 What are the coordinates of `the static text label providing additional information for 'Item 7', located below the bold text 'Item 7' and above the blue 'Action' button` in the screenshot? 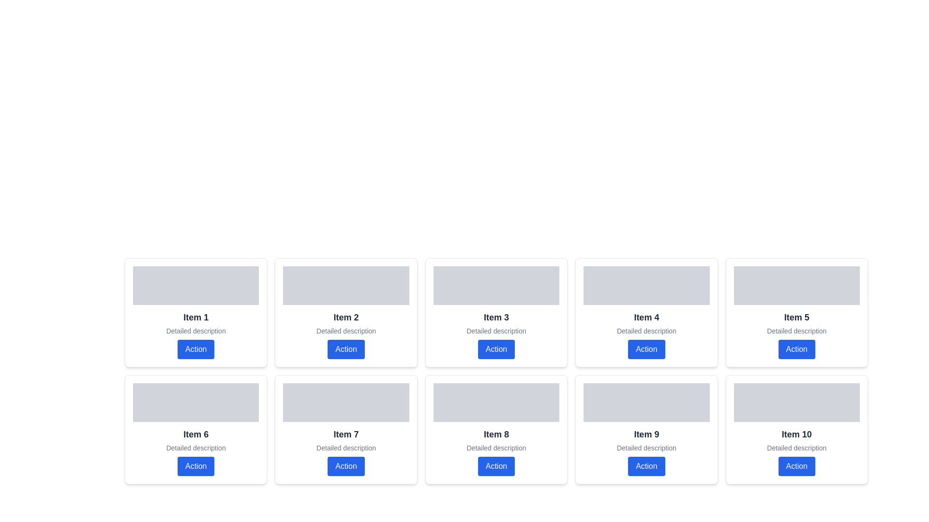 It's located at (346, 448).